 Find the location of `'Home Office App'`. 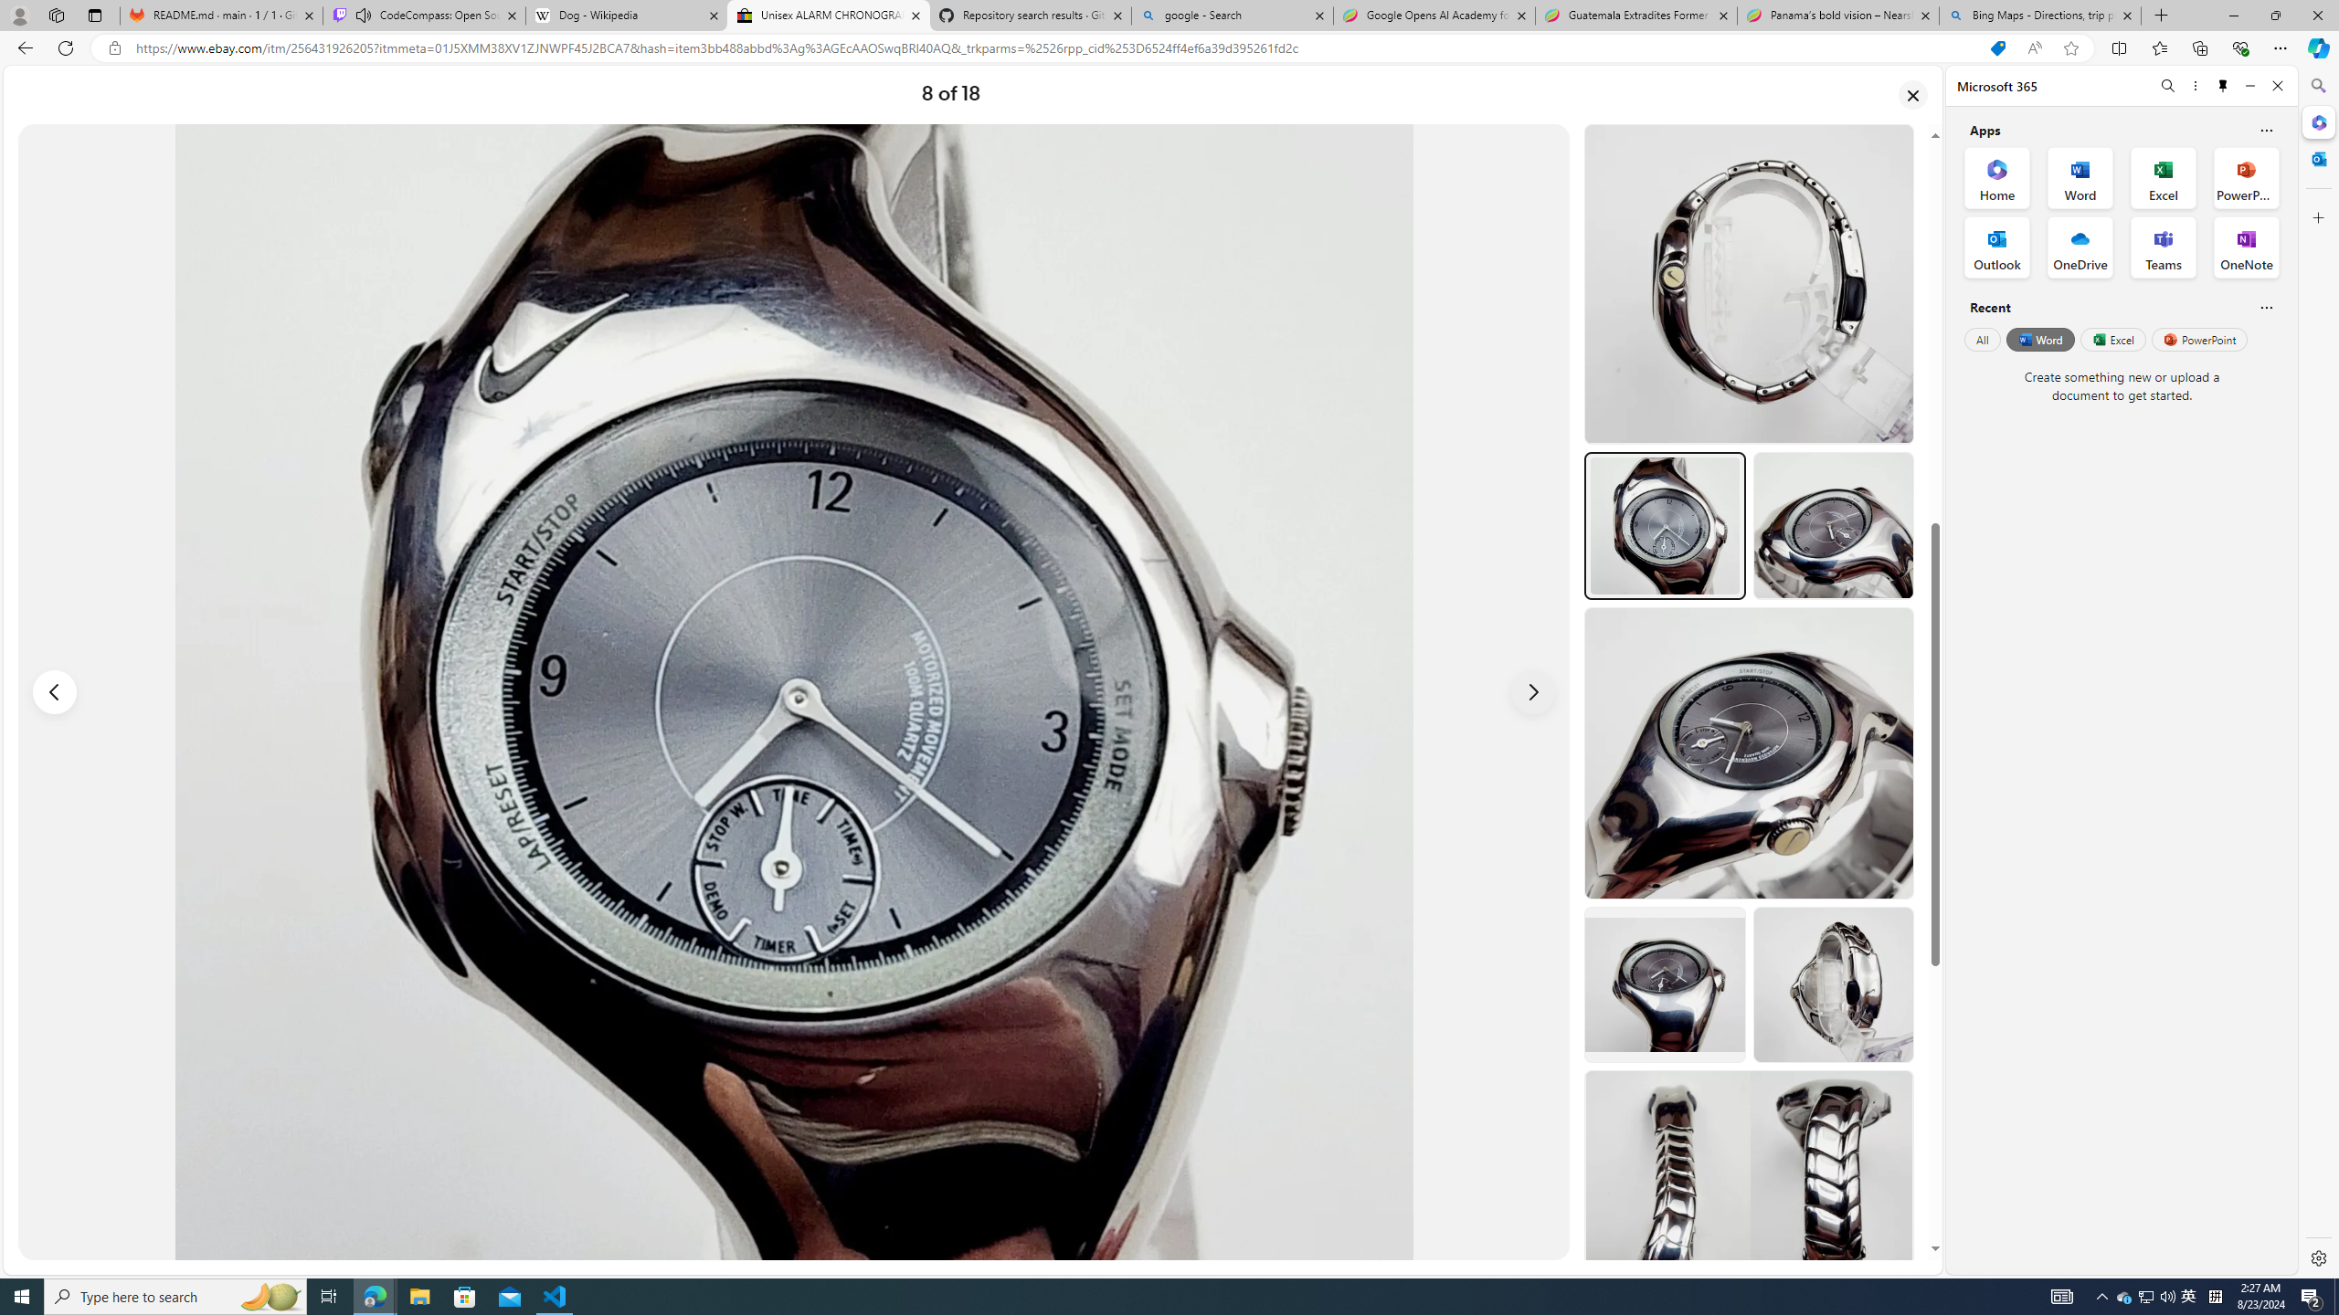

'Home Office App' is located at coordinates (1996, 178).